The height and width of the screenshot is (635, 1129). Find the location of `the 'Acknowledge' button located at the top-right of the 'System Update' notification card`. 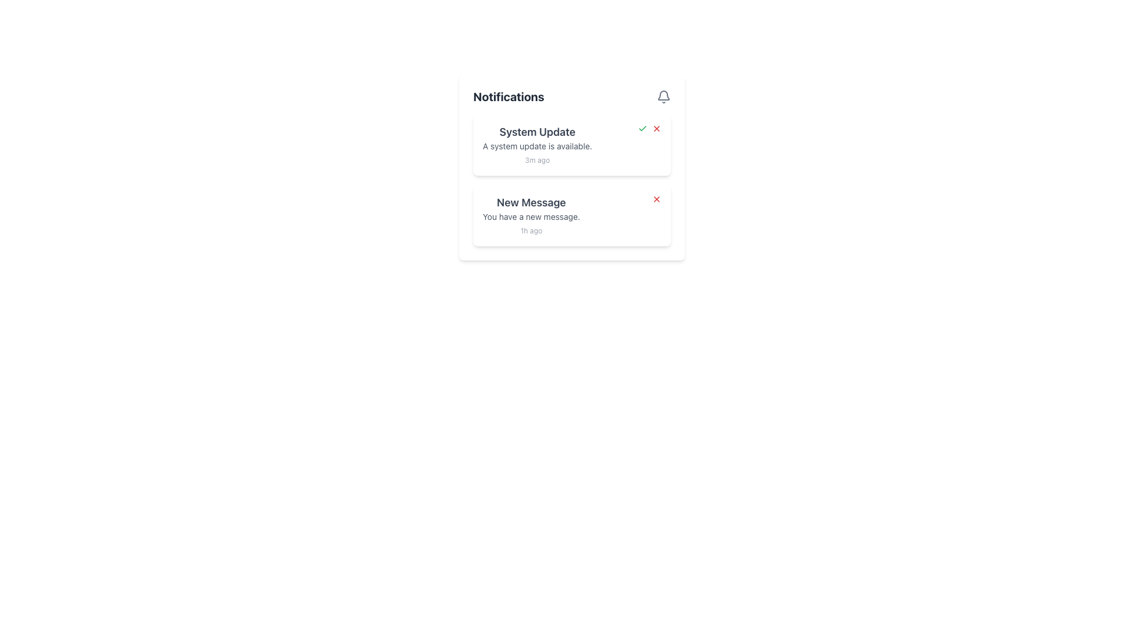

the 'Acknowledge' button located at the top-right of the 'System Update' notification card is located at coordinates (642, 129).